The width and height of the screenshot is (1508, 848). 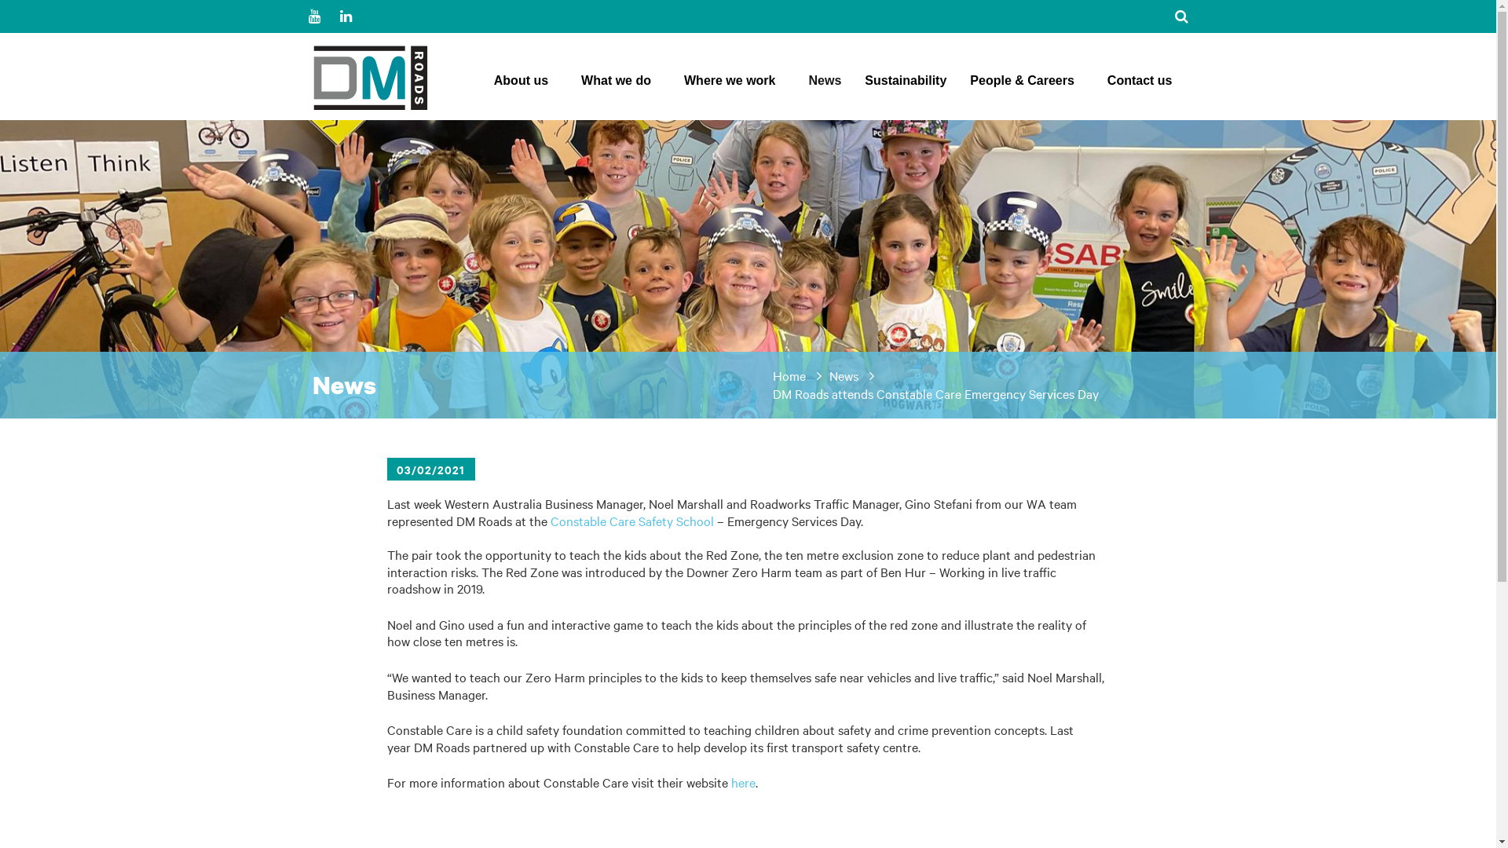 What do you see at coordinates (580, 85) in the screenshot?
I see `'What we do'` at bounding box center [580, 85].